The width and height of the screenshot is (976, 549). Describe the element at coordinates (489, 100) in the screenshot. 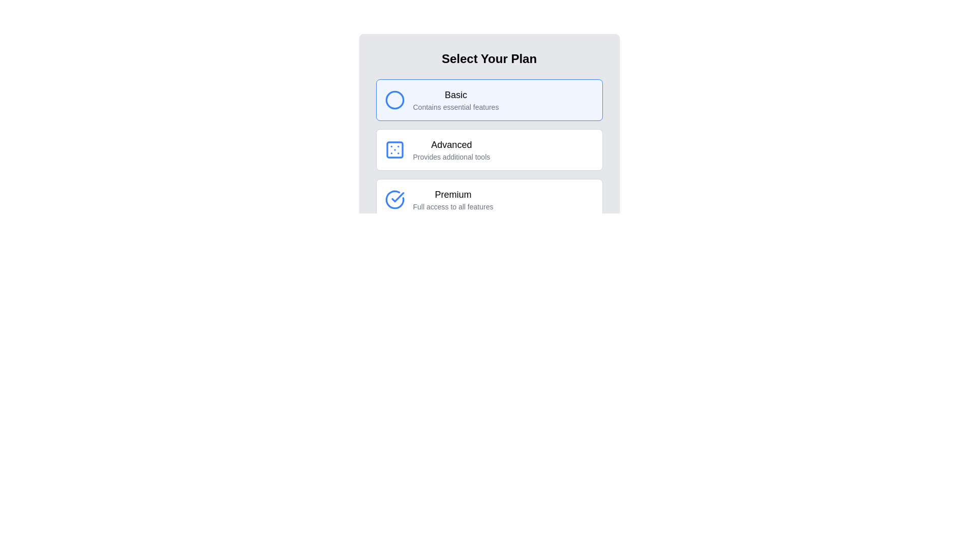

I see `the 'Basic' subscription plan selectable button located directly below the 'Select Your Plan' header` at that location.